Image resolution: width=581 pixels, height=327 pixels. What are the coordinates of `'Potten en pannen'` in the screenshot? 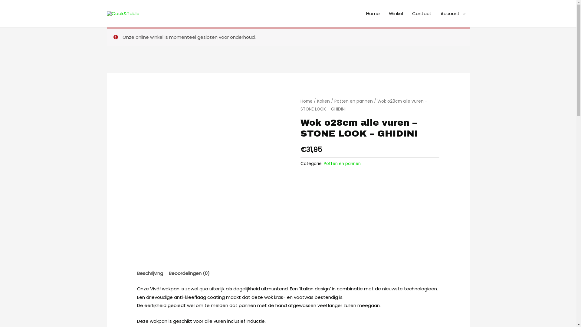 It's located at (323, 163).